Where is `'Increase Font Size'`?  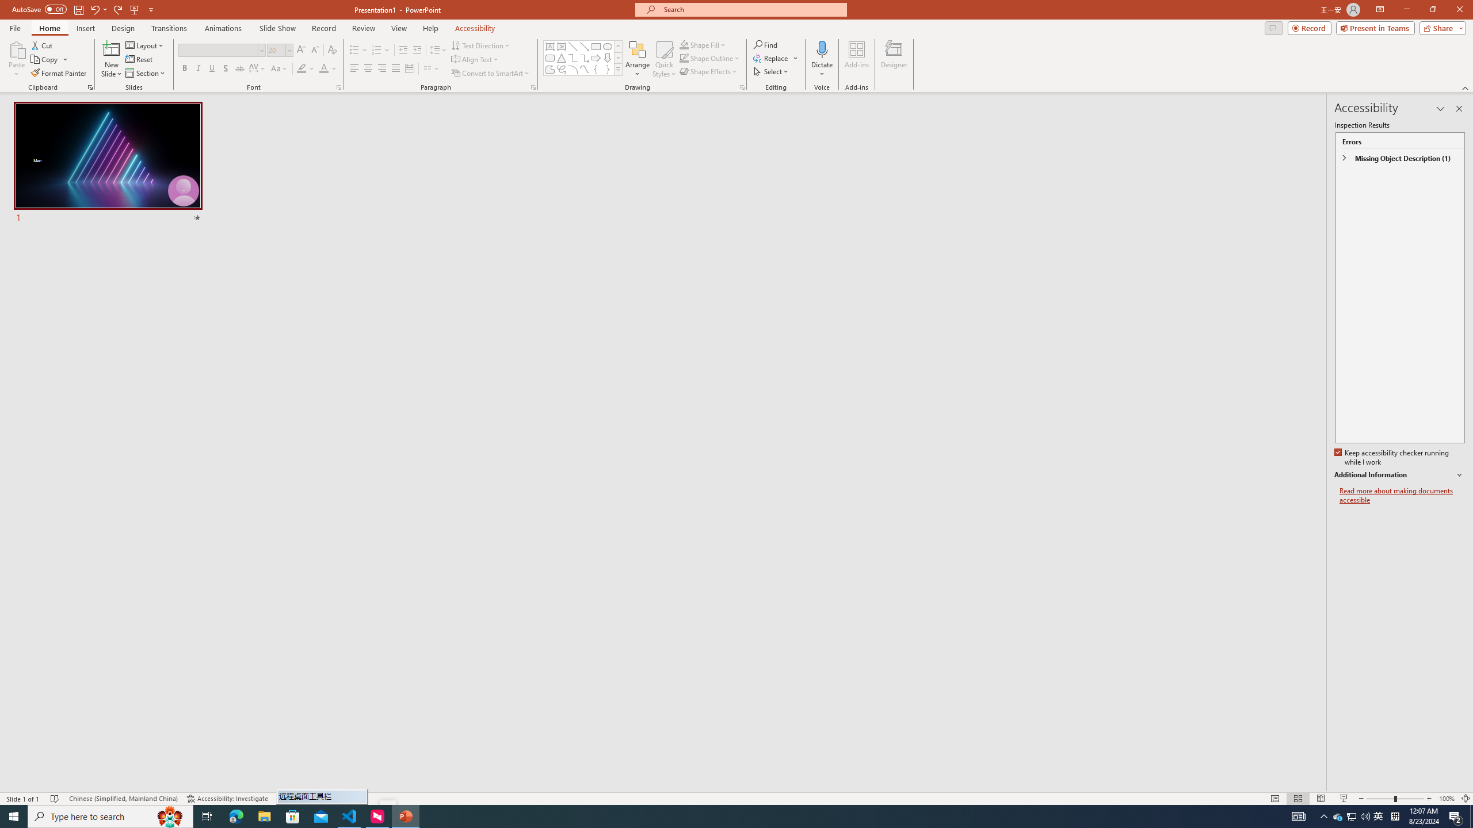
'Increase Font Size' is located at coordinates (300, 50).